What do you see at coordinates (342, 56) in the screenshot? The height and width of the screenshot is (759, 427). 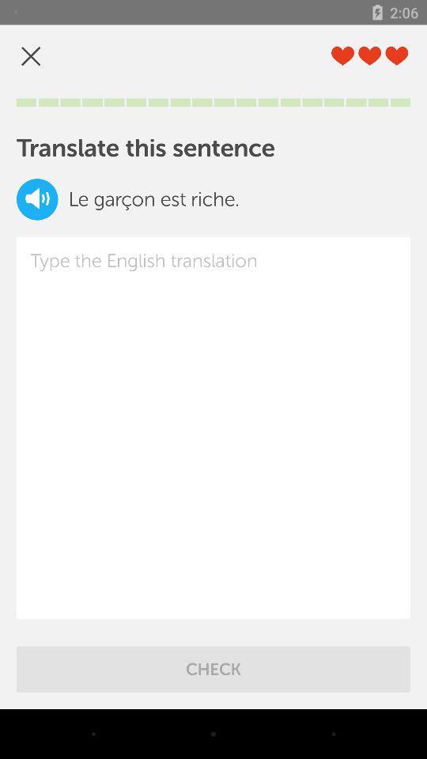 I see `the first love icon` at bounding box center [342, 56].